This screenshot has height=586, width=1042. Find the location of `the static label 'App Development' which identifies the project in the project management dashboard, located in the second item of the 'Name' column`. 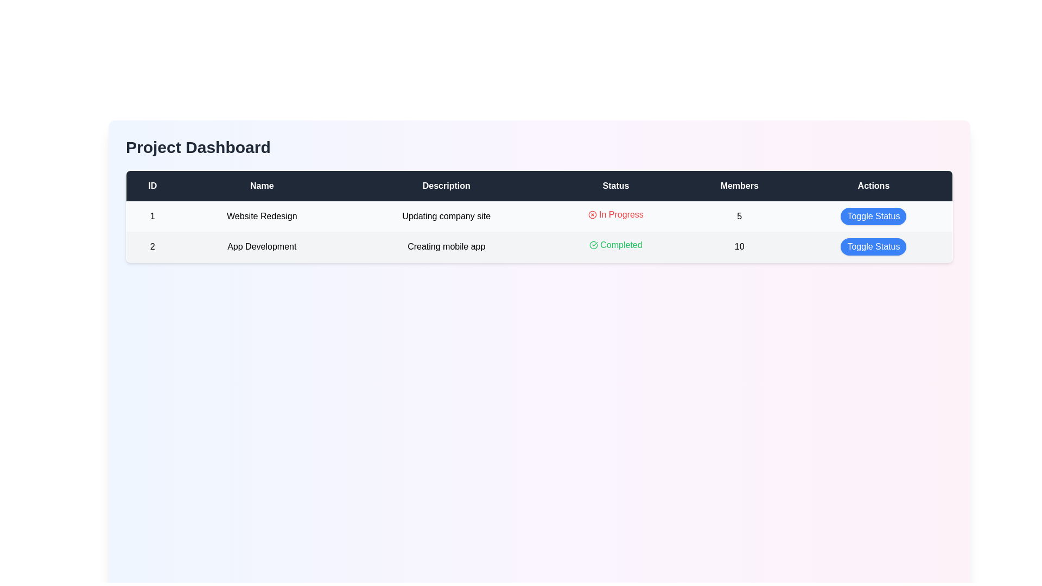

the static label 'App Development' which identifies the project in the project management dashboard, located in the second item of the 'Name' column is located at coordinates (262, 247).